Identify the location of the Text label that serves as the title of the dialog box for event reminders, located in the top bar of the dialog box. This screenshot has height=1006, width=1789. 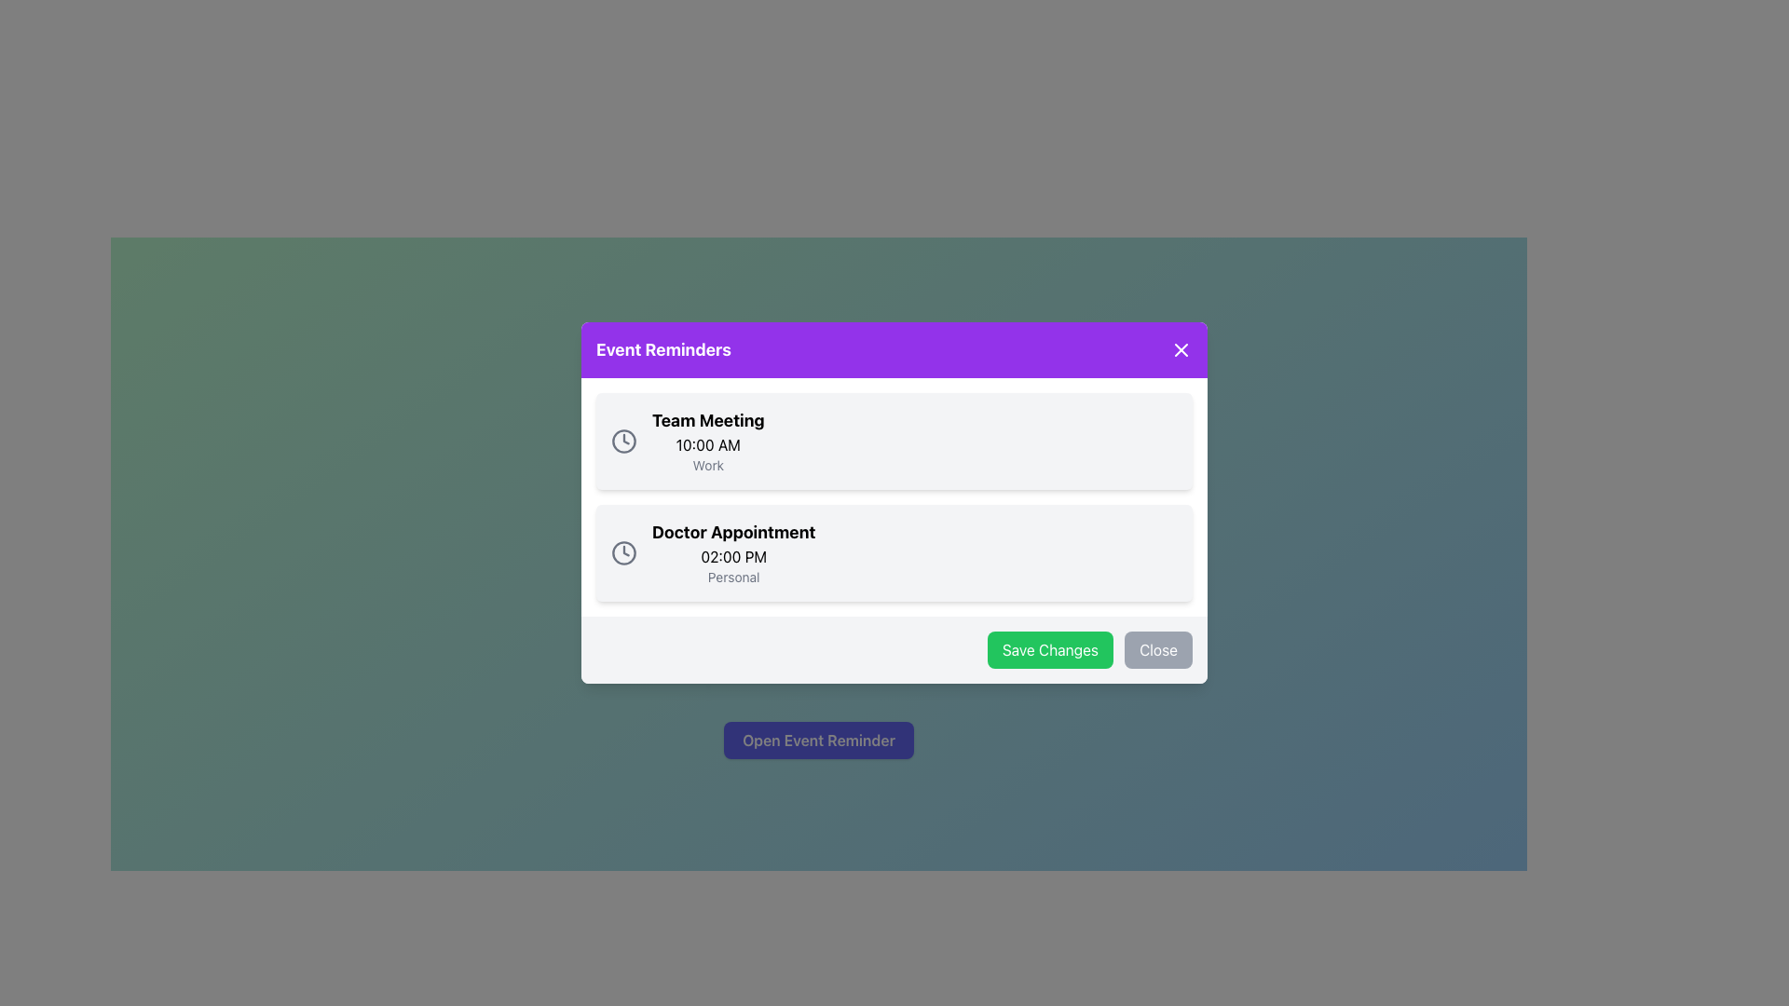
(663, 349).